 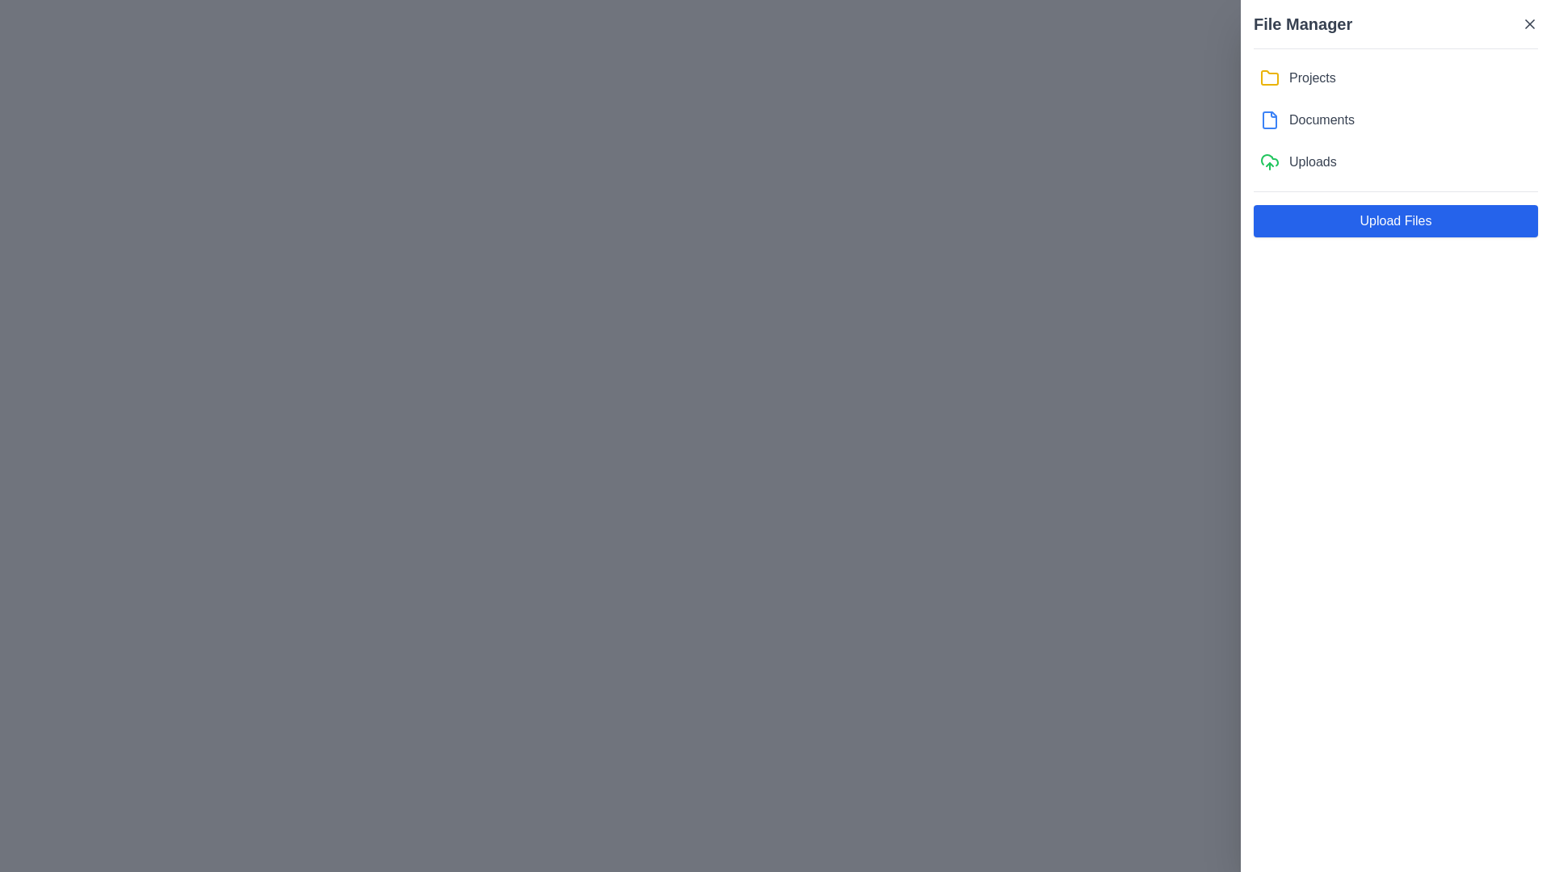 What do you see at coordinates (1395, 119) in the screenshot?
I see `the 'Documents' menu item in the 'File Manager' section` at bounding box center [1395, 119].